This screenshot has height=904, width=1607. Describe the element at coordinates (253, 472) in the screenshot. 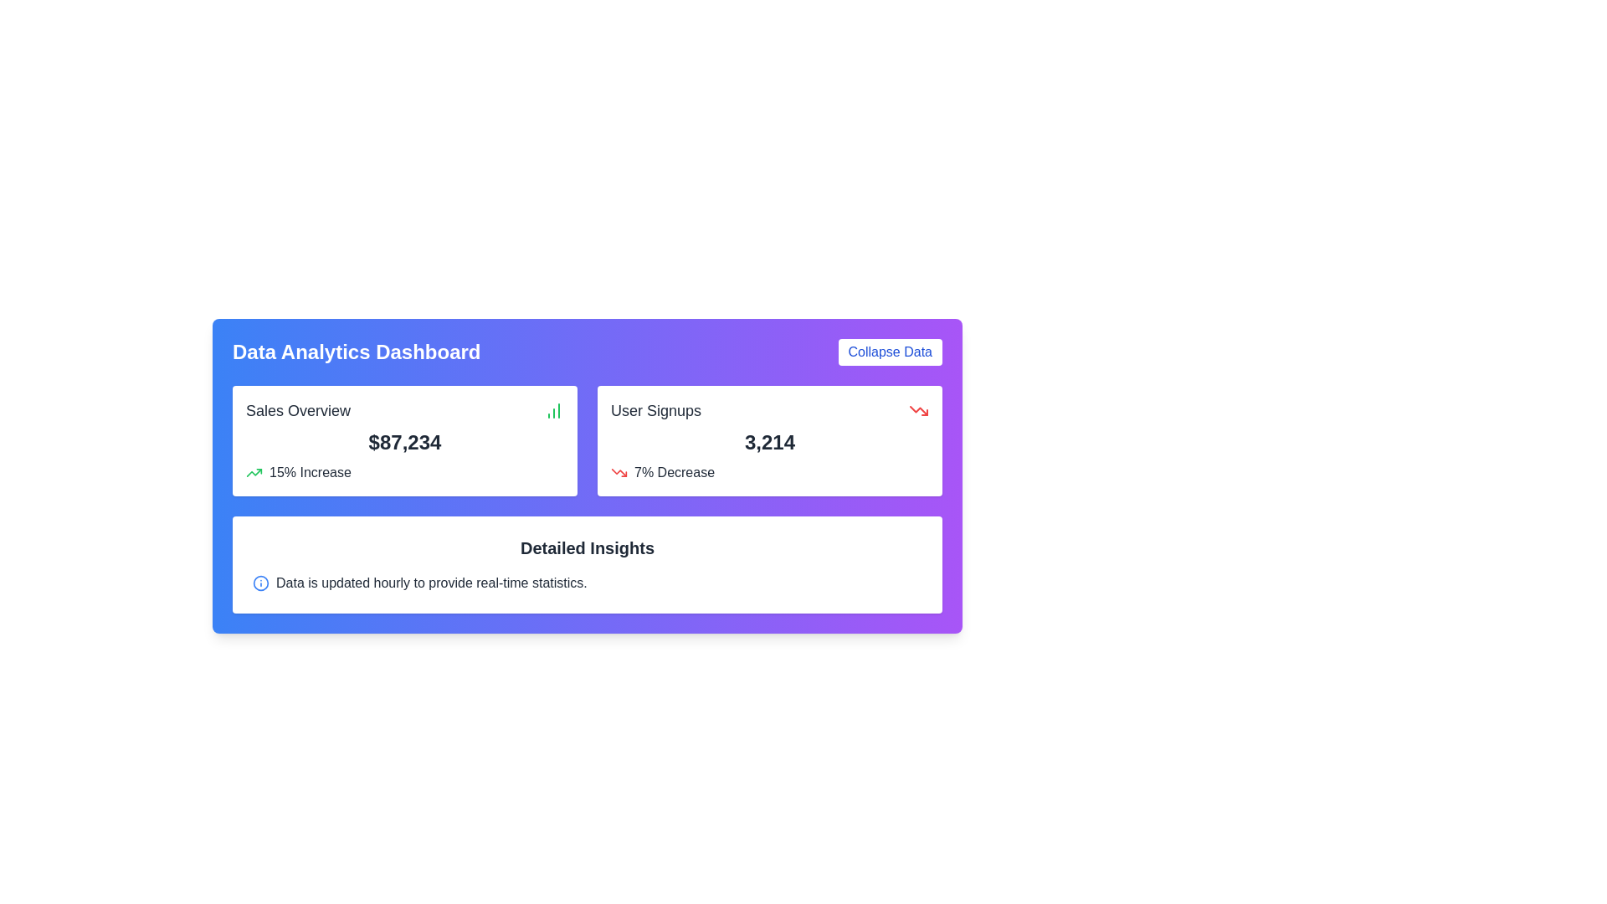

I see `the upward trend icon associated with the '15% Increase' label, located in the Sales Overview section of the dashboard` at that location.